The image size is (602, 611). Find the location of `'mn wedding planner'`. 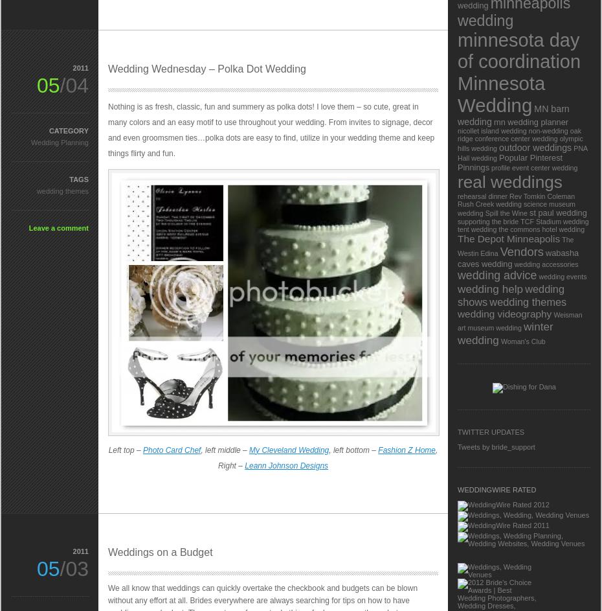

'mn wedding planner' is located at coordinates (530, 121).